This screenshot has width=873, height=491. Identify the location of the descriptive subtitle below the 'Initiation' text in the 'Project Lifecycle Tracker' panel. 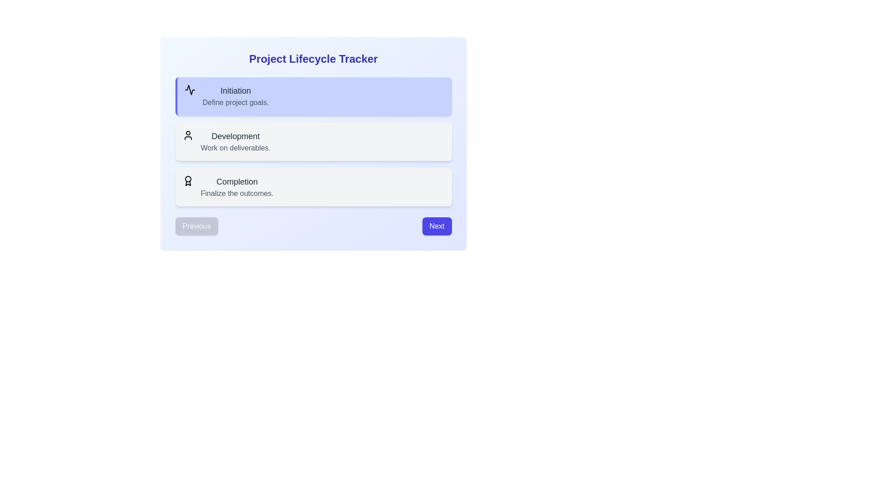
(236, 102).